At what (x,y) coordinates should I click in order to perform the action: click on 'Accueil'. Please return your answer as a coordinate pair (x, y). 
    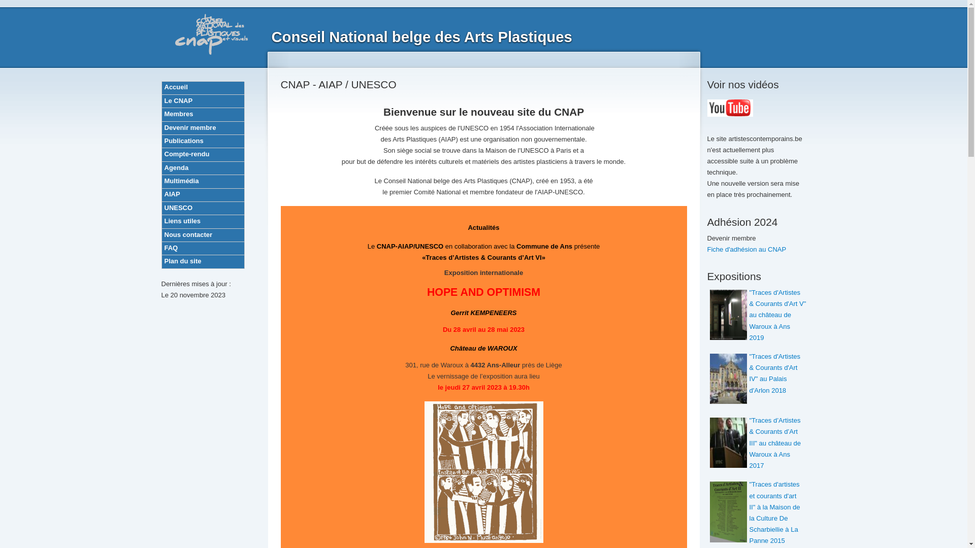
    Looking at the image, I should click on (203, 86).